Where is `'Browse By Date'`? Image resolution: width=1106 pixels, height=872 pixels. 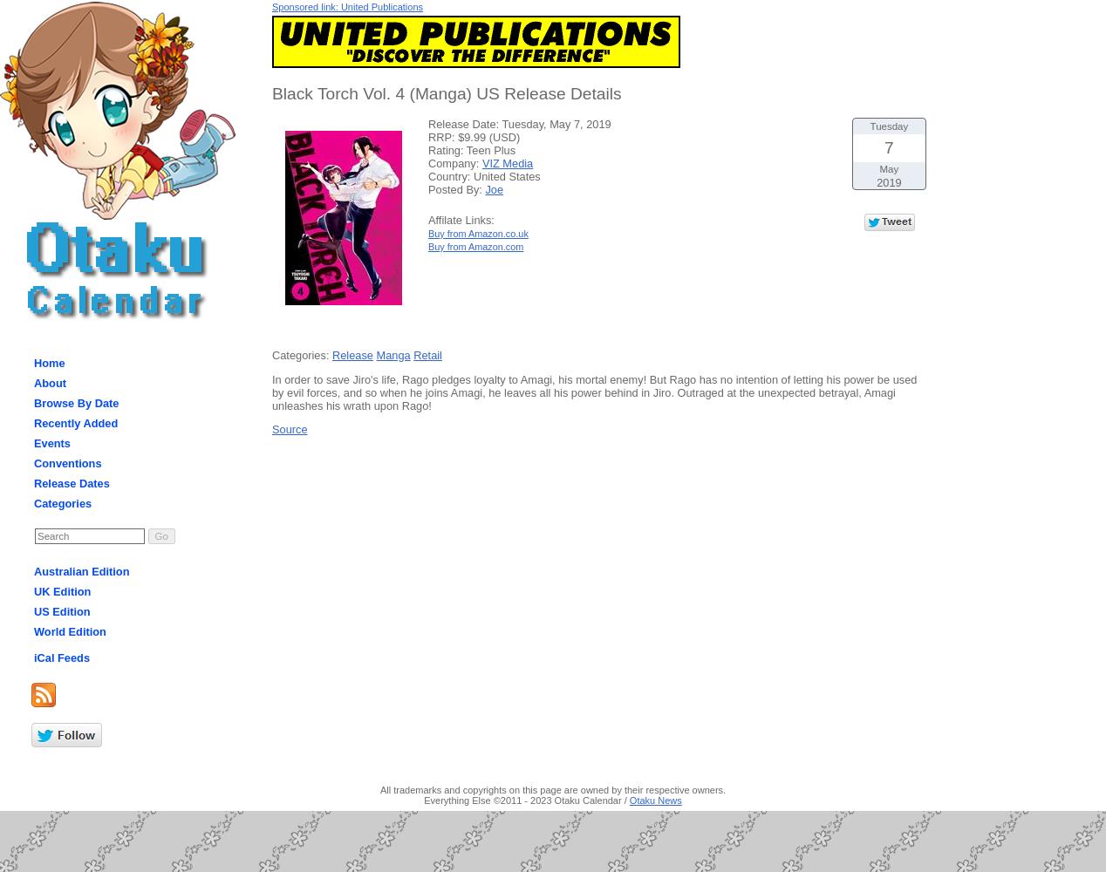 'Browse By Date' is located at coordinates (76, 402).